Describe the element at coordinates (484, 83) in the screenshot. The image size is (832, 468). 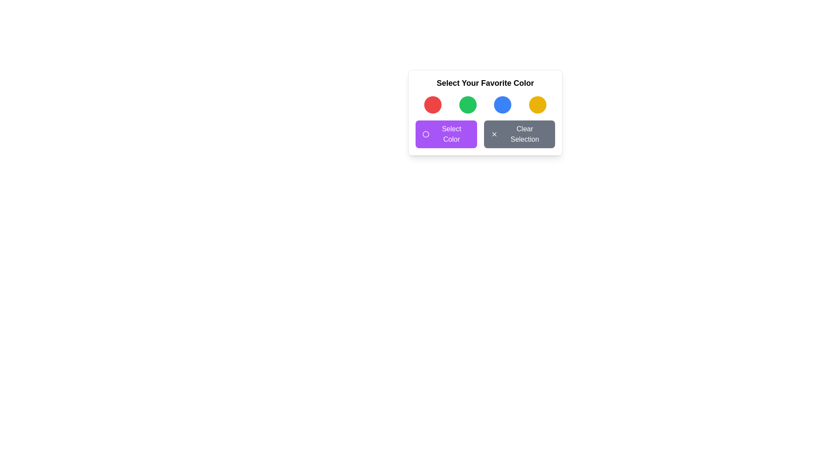
I see `the text heading that reads 'Select Your Favorite Color', which is styled in bold font and positioned above the color buttons` at that location.